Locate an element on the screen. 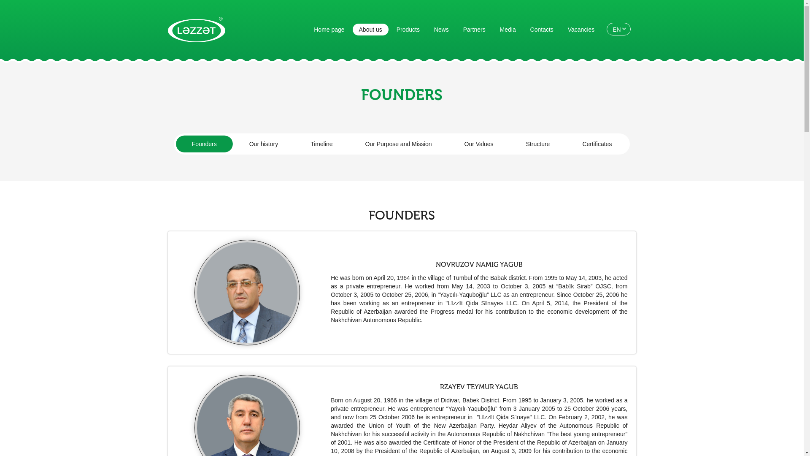  'Timeline' is located at coordinates (294, 143).